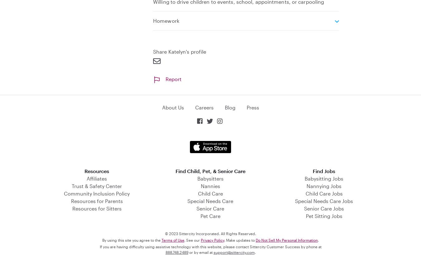 This screenshot has width=421, height=271. I want to click on 'Nannying Jobs', so click(324, 186).